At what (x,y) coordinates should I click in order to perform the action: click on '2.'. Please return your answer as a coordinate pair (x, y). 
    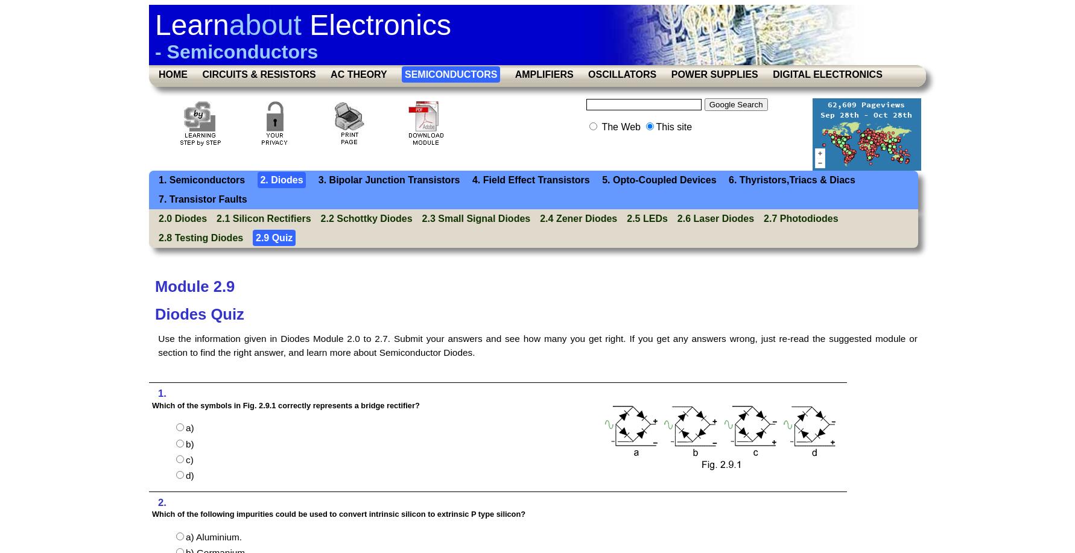
    Looking at the image, I should click on (161, 502).